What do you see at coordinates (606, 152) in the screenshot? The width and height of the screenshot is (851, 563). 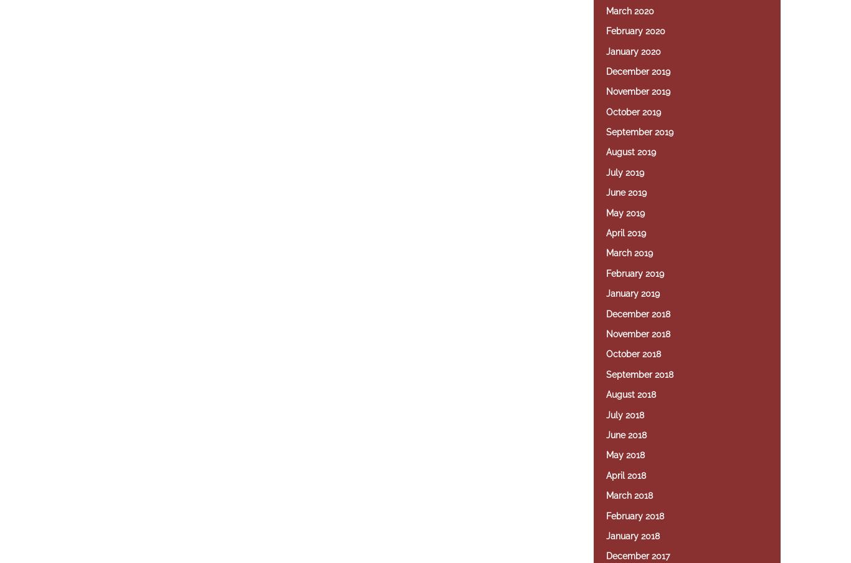 I see `'August 2019'` at bounding box center [606, 152].